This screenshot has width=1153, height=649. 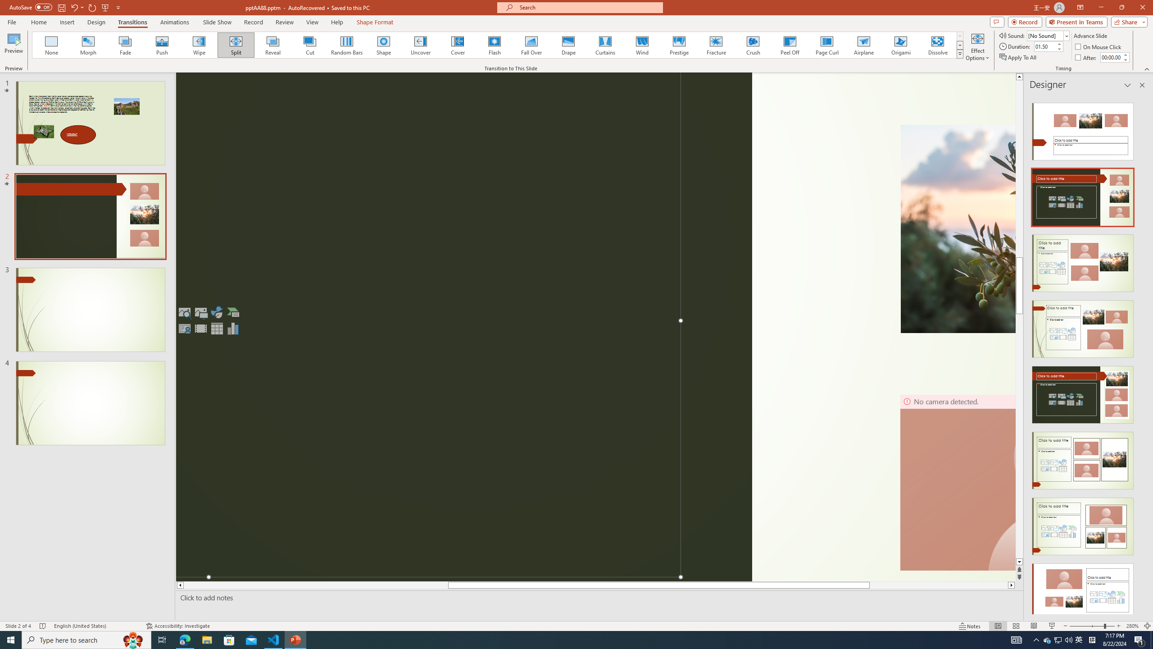 What do you see at coordinates (88, 45) in the screenshot?
I see `'Morph'` at bounding box center [88, 45].